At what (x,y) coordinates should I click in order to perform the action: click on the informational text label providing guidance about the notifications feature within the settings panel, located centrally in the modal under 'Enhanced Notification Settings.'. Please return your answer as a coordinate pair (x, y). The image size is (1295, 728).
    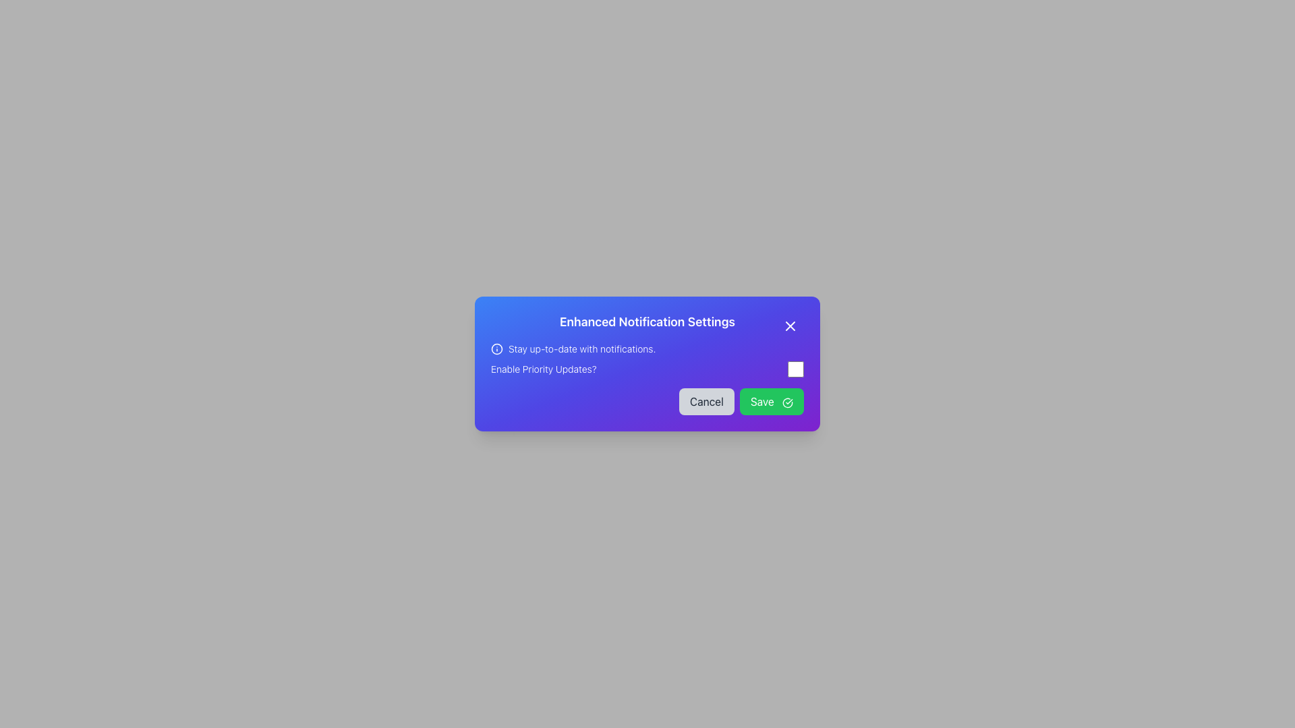
    Looking at the image, I should click on (582, 348).